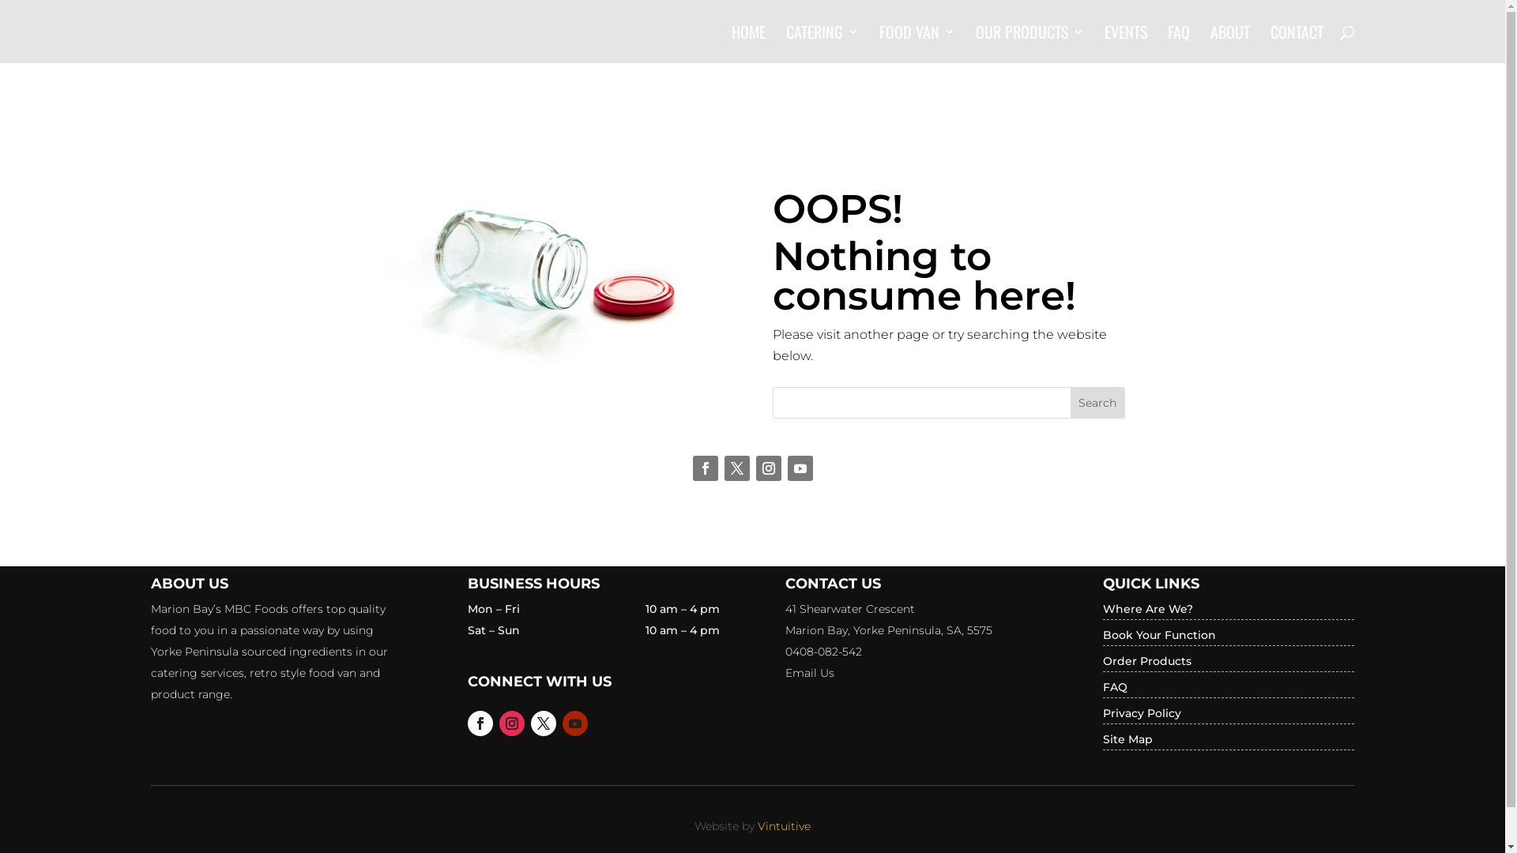 Image resolution: width=1517 pixels, height=853 pixels. I want to click on 'Follow on X', so click(543, 723).